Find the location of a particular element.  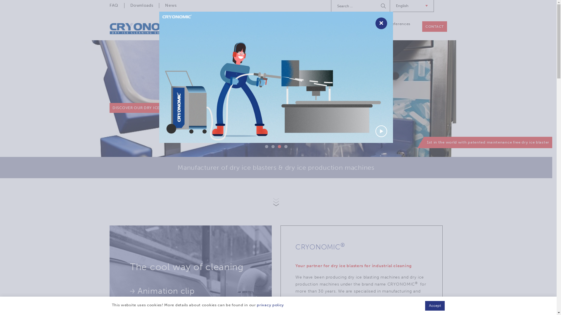

'English' is located at coordinates (390, 6).